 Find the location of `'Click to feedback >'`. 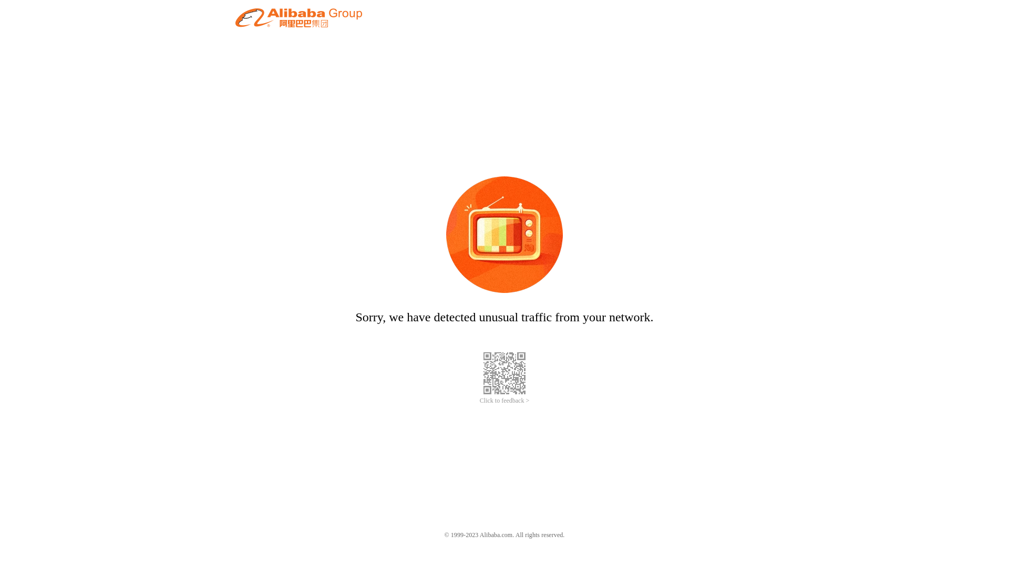

'Click to feedback >' is located at coordinates (479, 401).